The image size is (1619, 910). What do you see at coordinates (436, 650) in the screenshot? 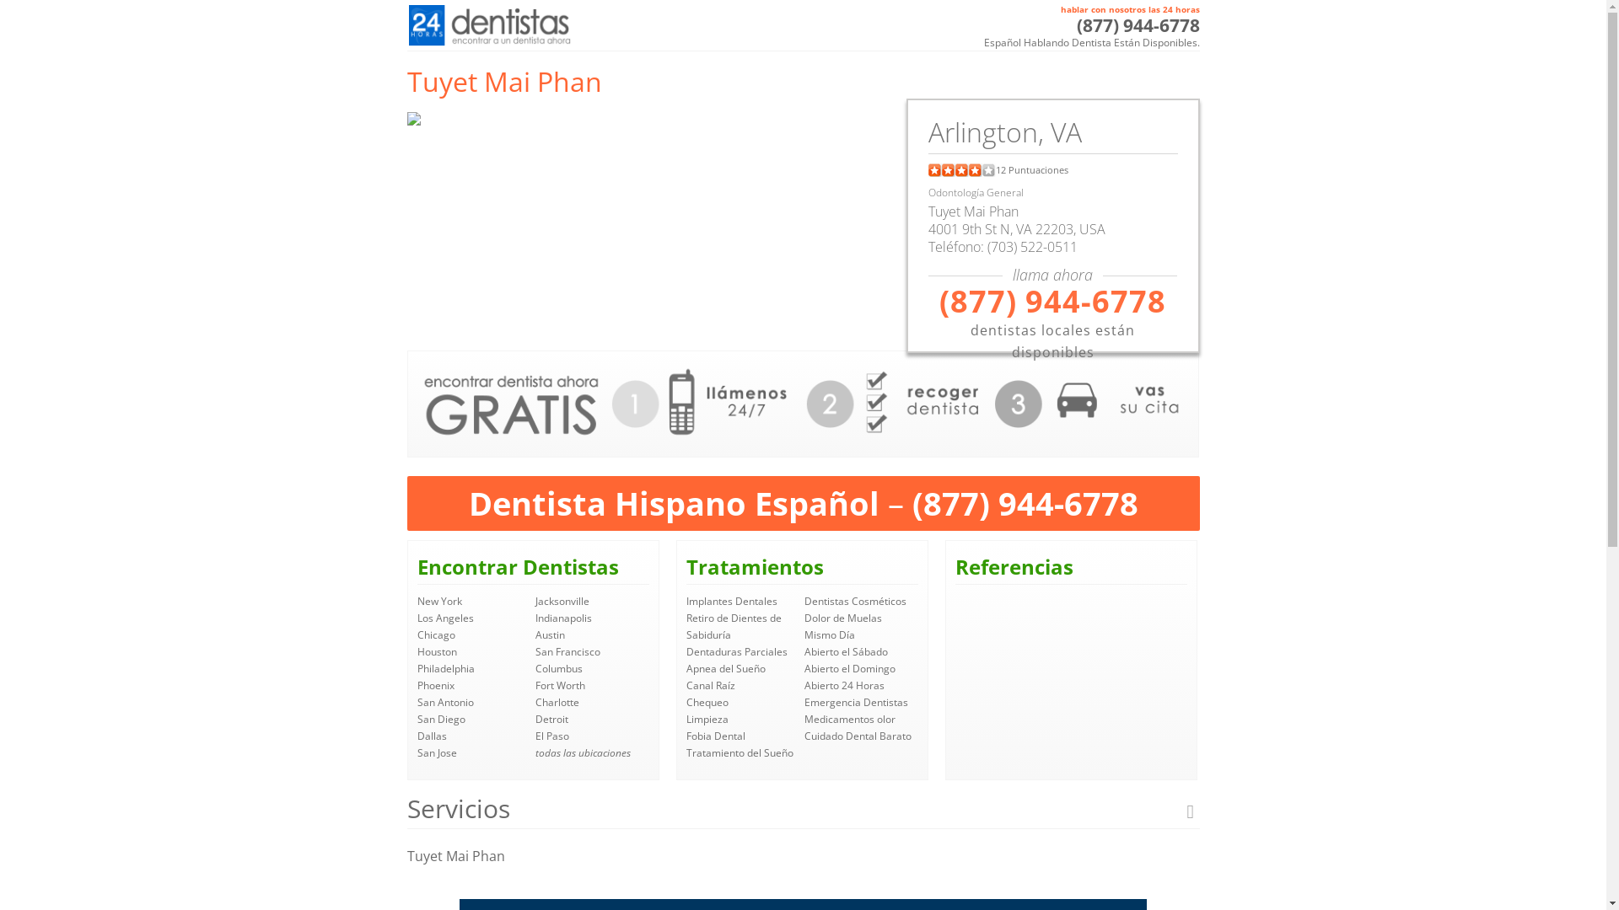
I see `'Houston'` at bounding box center [436, 650].